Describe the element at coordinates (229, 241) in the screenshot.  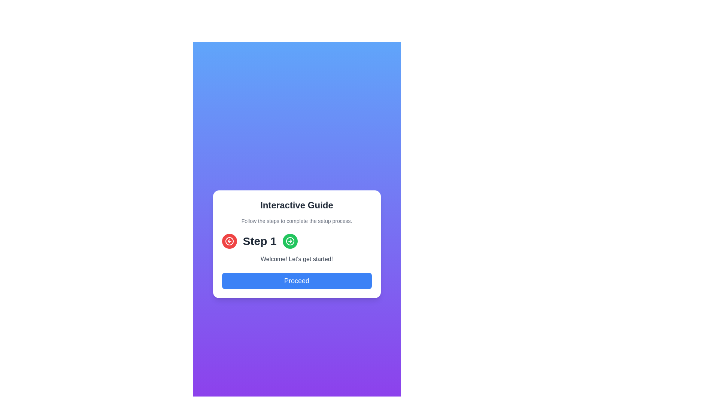
I see `the circular red button with a white arrow icon pointing left` at that location.